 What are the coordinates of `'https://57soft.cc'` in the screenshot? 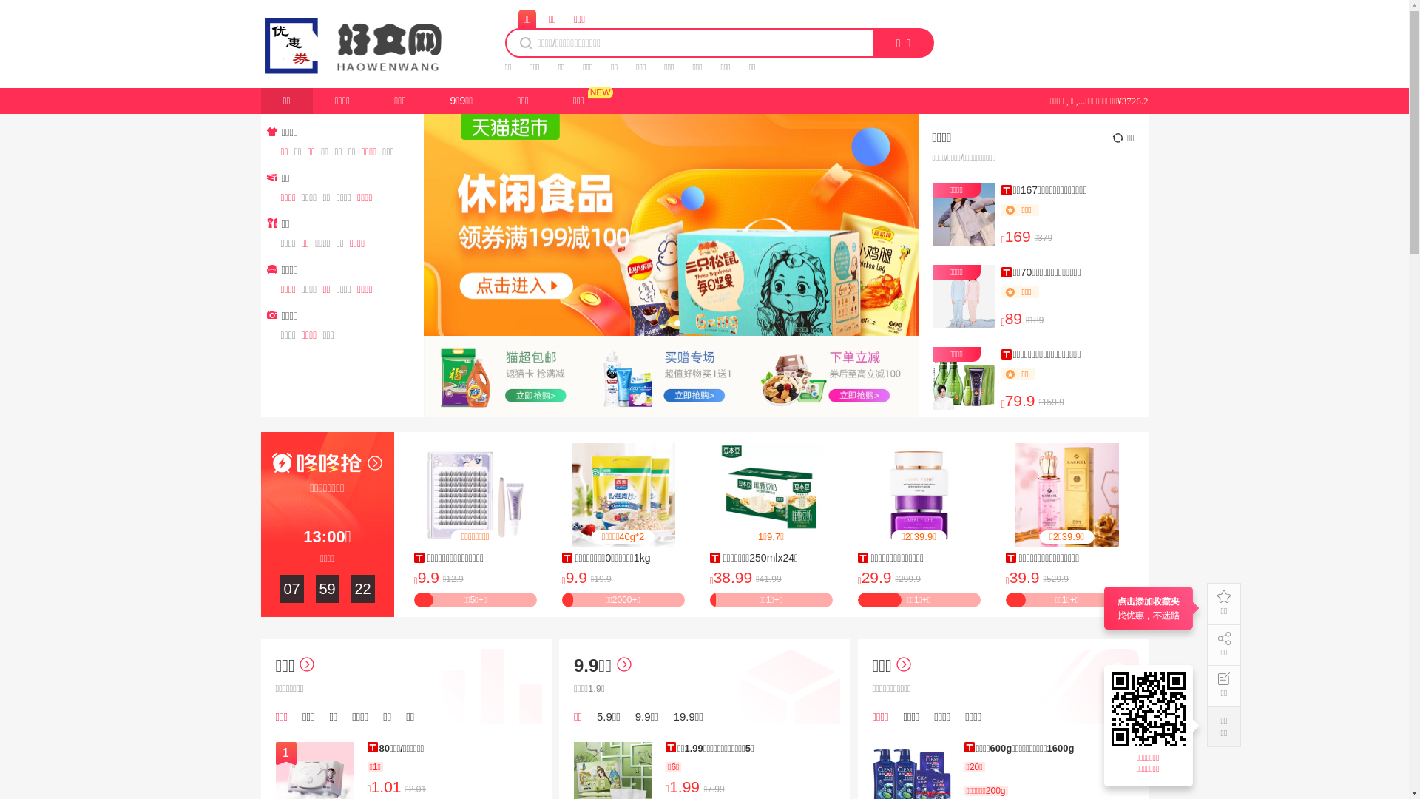 It's located at (1149, 709).